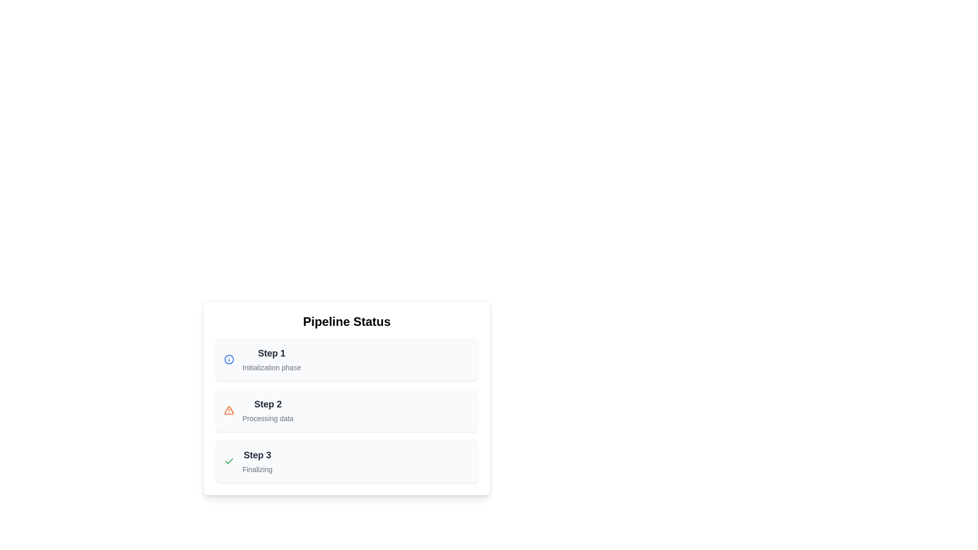 This screenshot has width=978, height=550. What do you see at coordinates (268, 404) in the screenshot?
I see `the Text Label indicating 'Step 2', which serves as a milestone in the workflow and is located between 'Step 1' and 'Step 3'` at bounding box center [268, 404].